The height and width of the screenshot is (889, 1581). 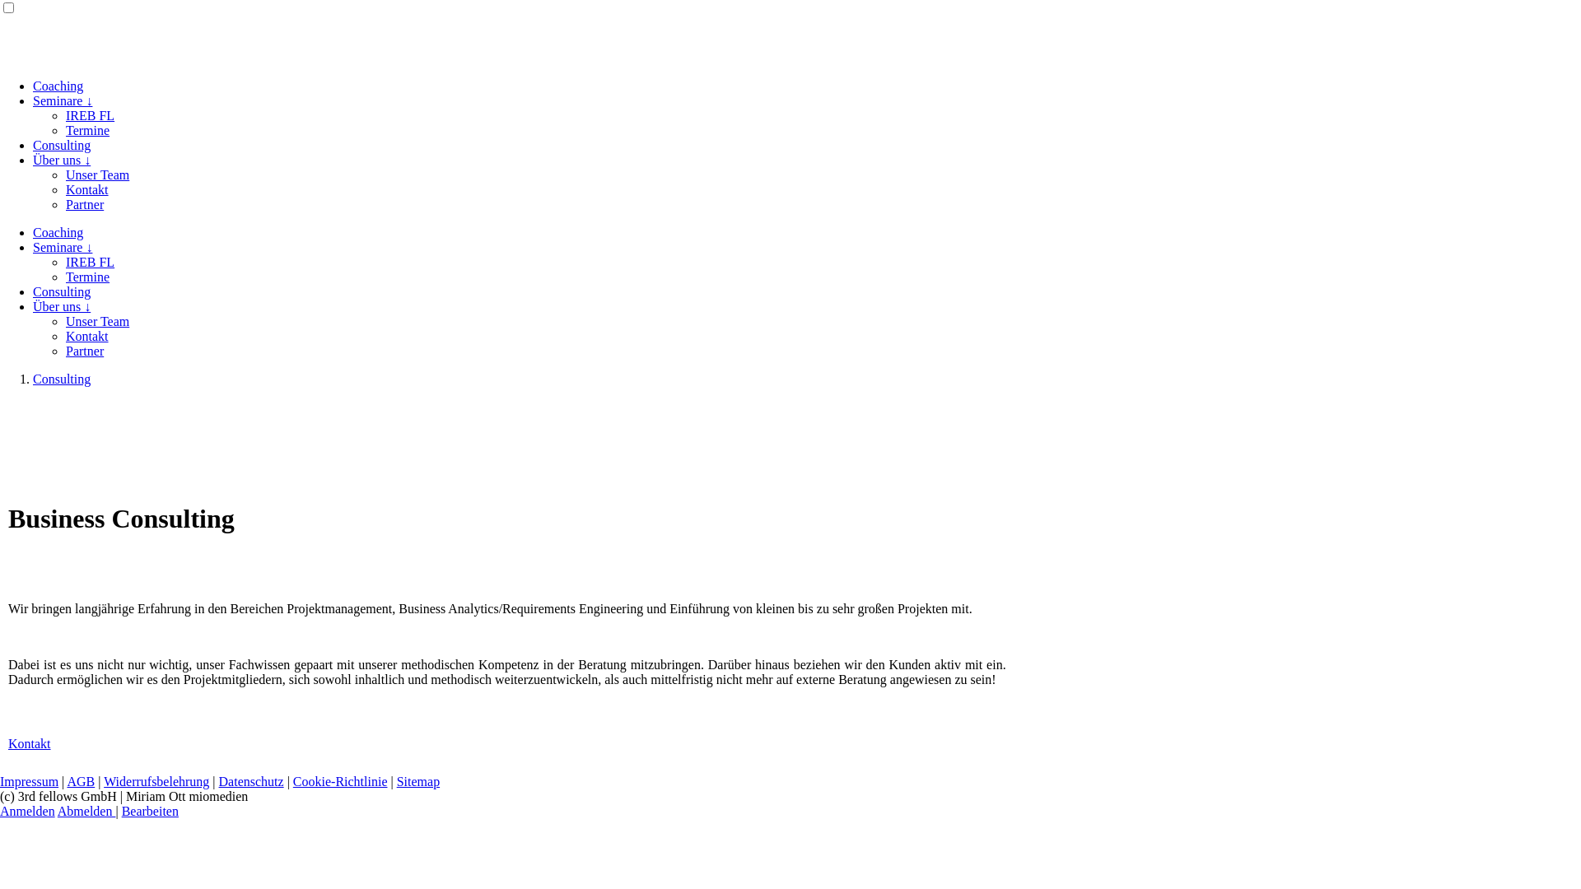 I want to click on 'Widerrufsbelehrung', so click(x=156, y=780).